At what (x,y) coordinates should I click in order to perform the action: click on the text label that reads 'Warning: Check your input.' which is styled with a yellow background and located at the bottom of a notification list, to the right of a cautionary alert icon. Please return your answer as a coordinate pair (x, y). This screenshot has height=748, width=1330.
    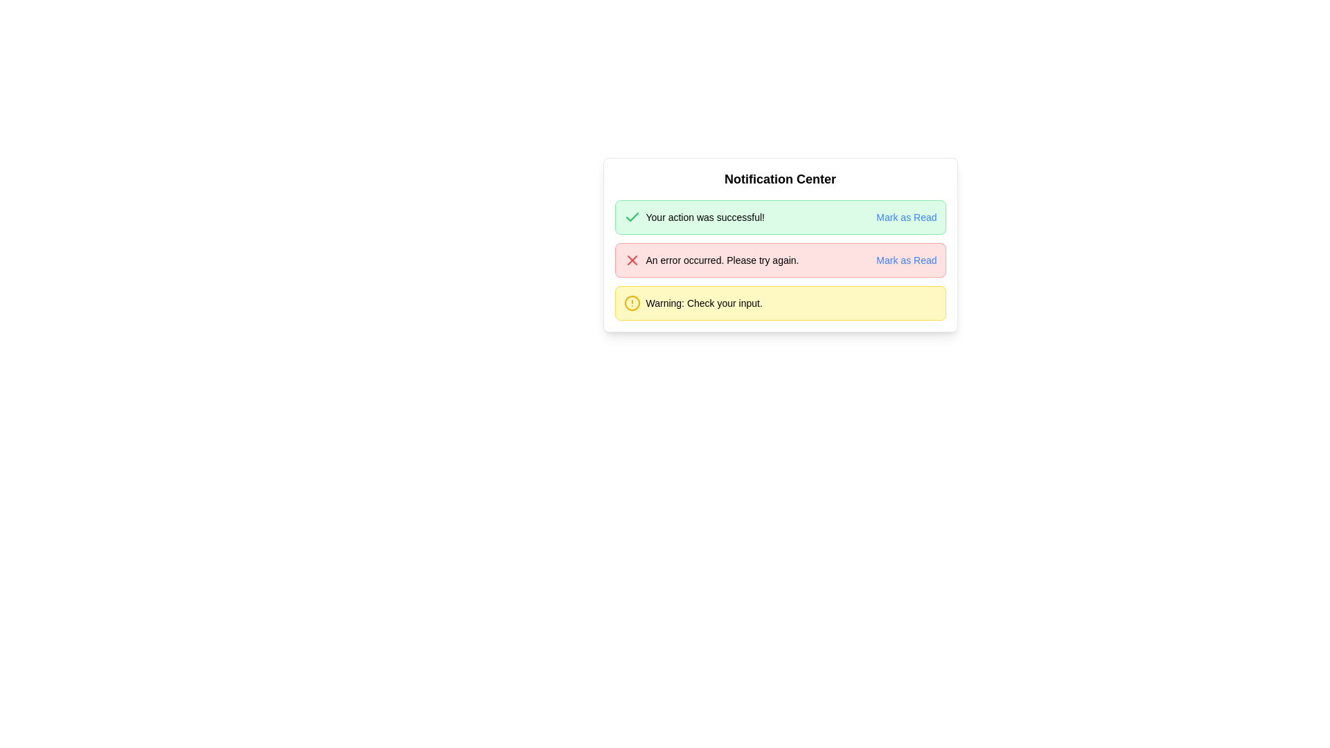
    Looking at the image, I should click on (704, 303).